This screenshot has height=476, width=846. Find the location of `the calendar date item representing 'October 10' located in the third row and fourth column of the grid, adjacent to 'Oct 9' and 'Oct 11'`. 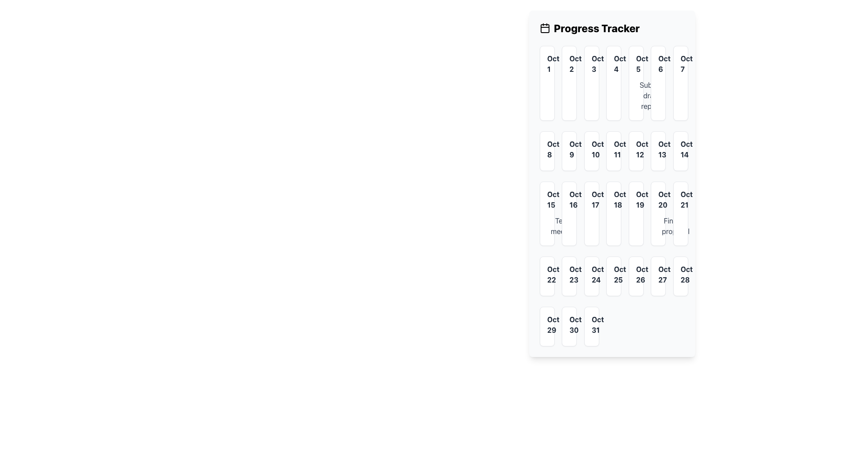

the calendar date item representing 'October 10' located in the third row and fourth column of the grid, adjacent to 'Oct 9' and 'Oct 11' is located at coordinates (591, 151).